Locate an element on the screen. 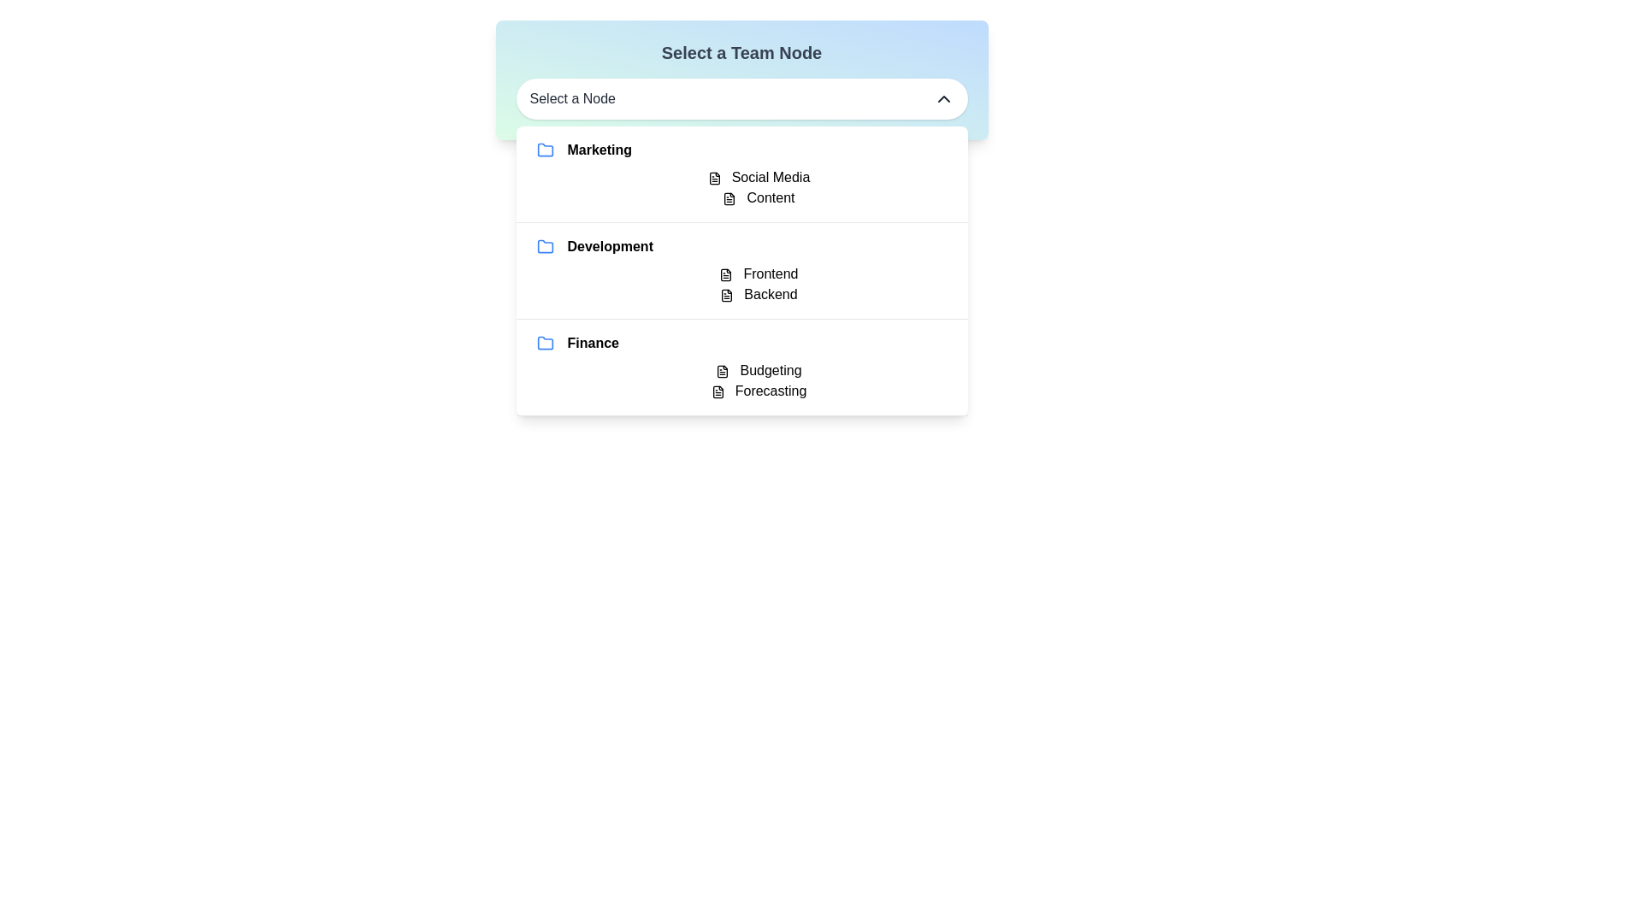  the list item labeled 'Marketing' in the dropdown menu is located at coordinates (741, 174).